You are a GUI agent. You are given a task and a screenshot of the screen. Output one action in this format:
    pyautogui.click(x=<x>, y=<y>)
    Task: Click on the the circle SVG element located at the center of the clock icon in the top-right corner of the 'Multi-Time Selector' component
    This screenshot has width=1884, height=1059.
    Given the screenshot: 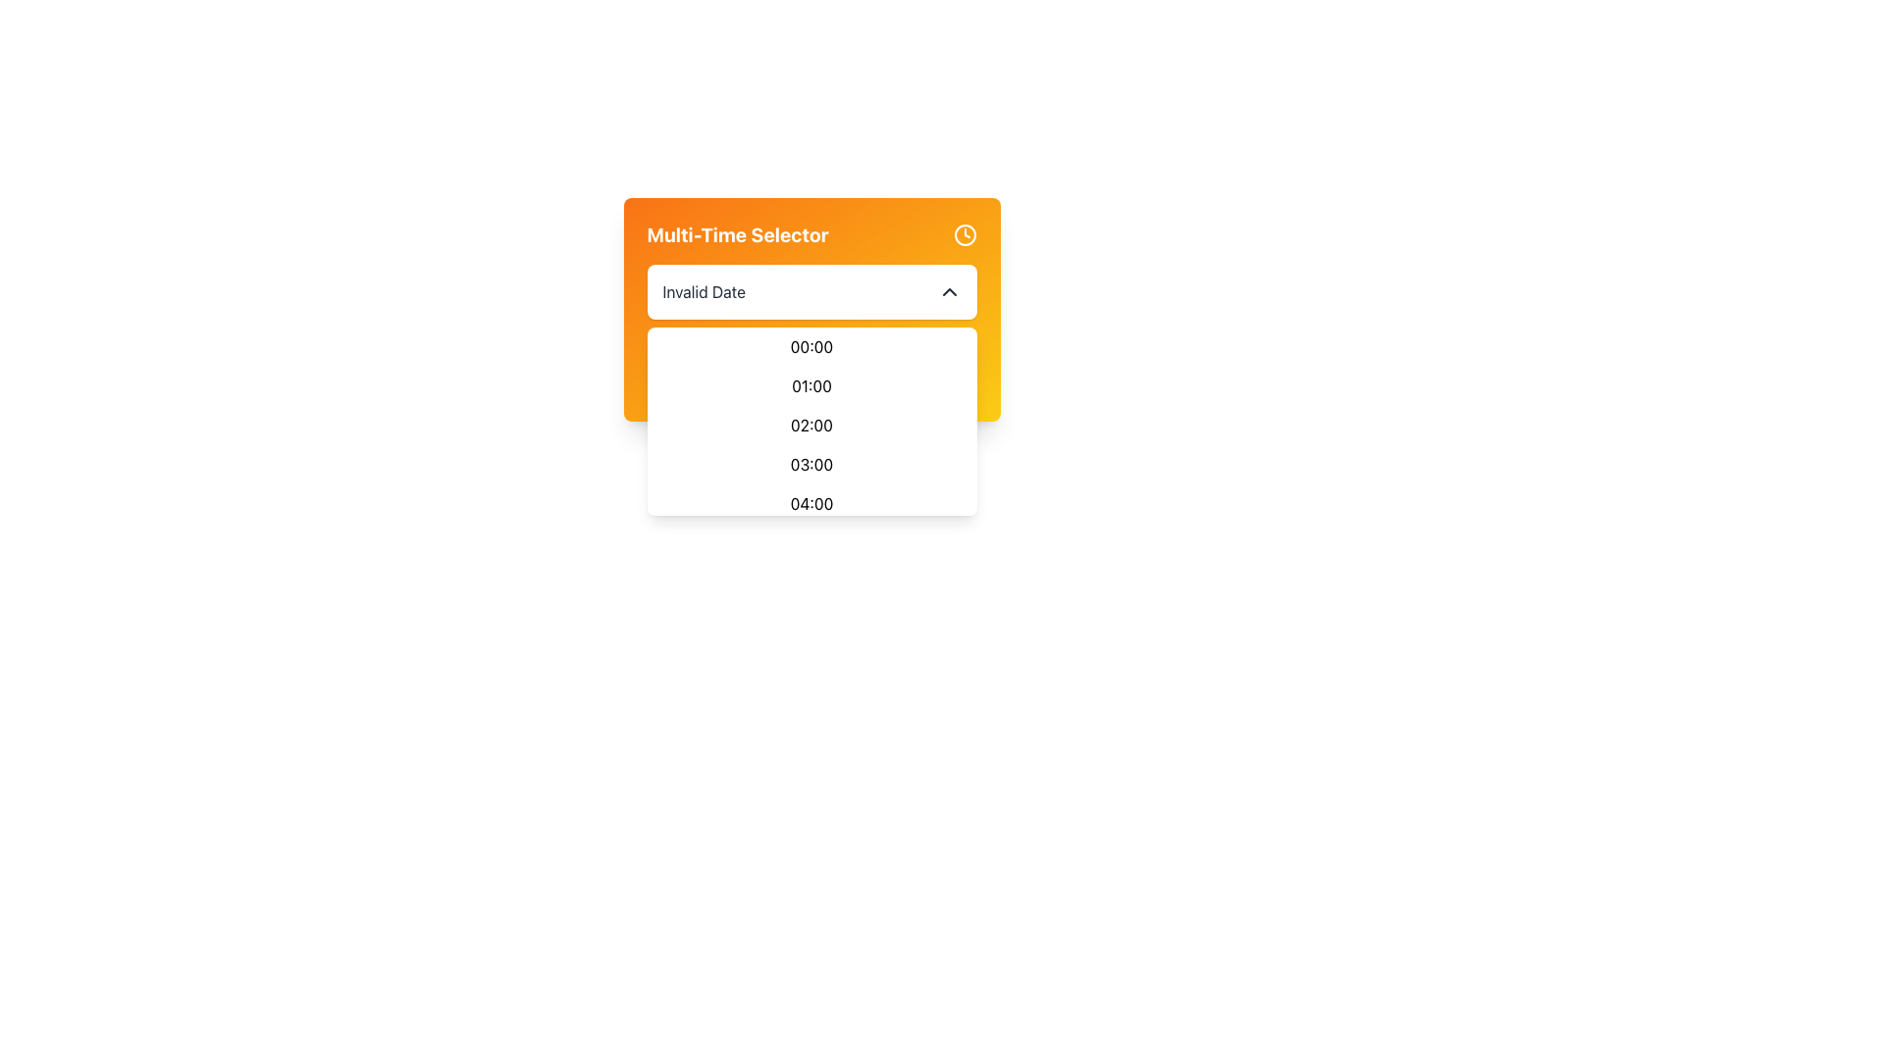 What is the action you would take?
    pyautogui.click(x=965, y=233)
    